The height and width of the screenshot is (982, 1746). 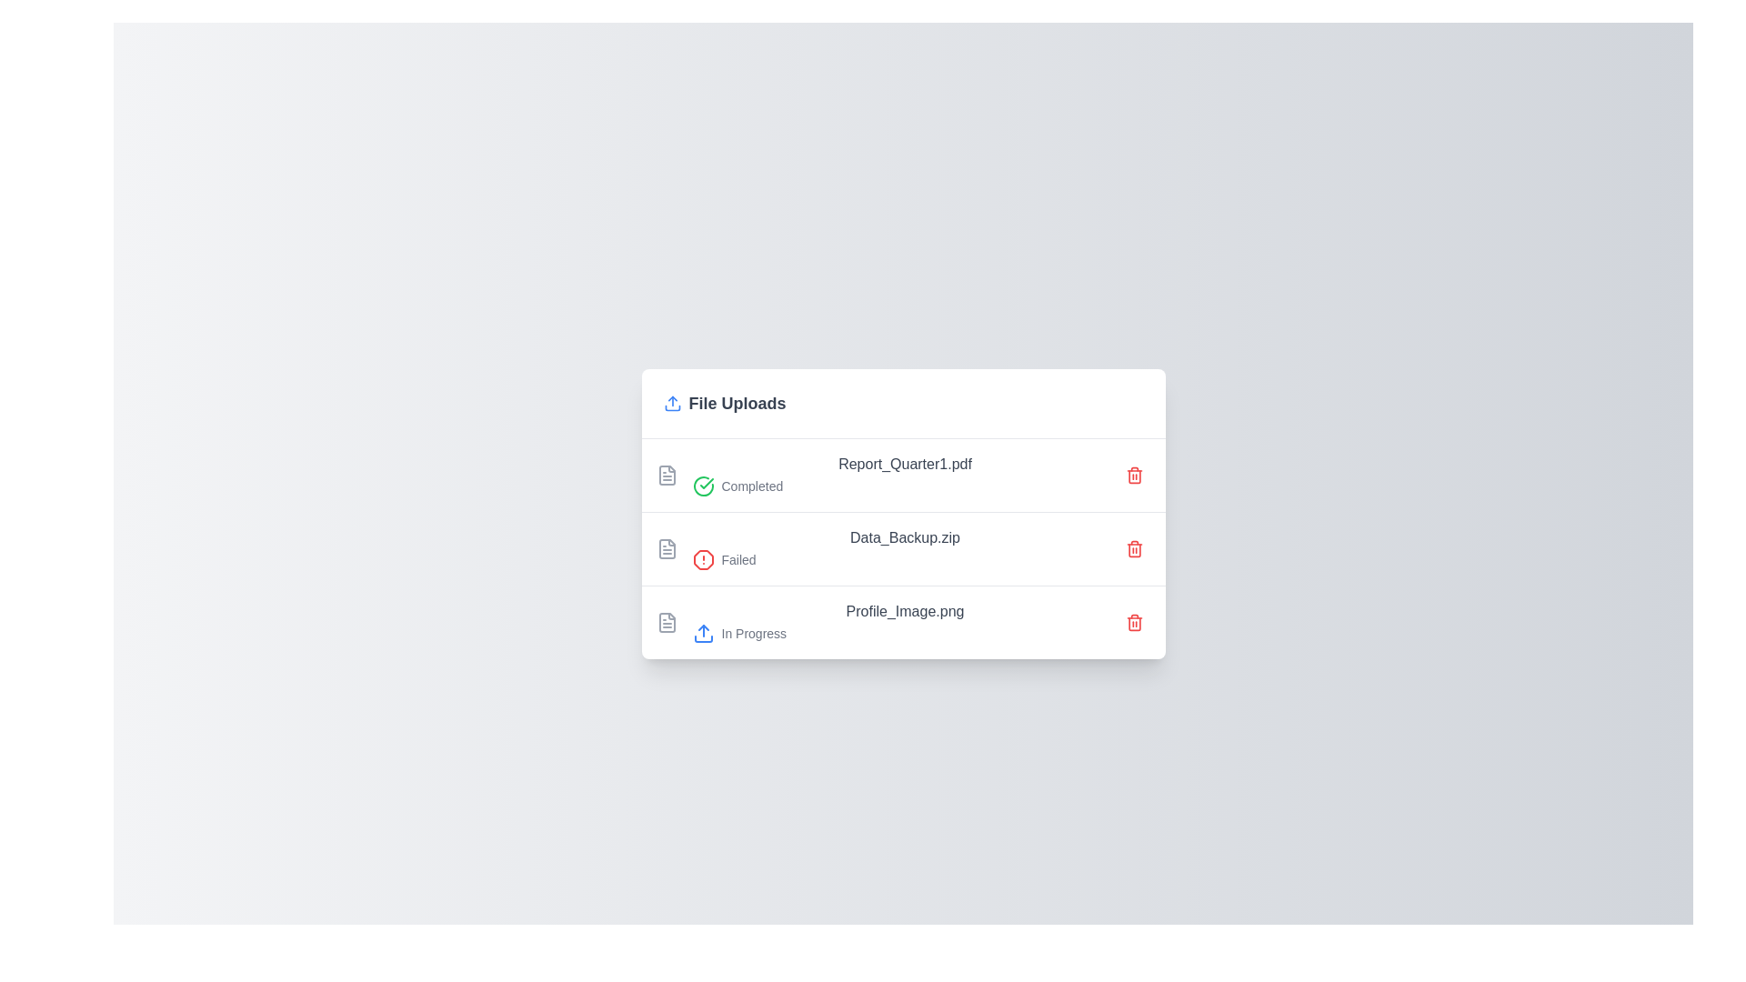 What do you see at coordinates (905, 547) in the screenshot?
I see `the text with the filename 'Data_Backup.zip' and its status indicator showing 'failed'` at bounding box center [905, 547].